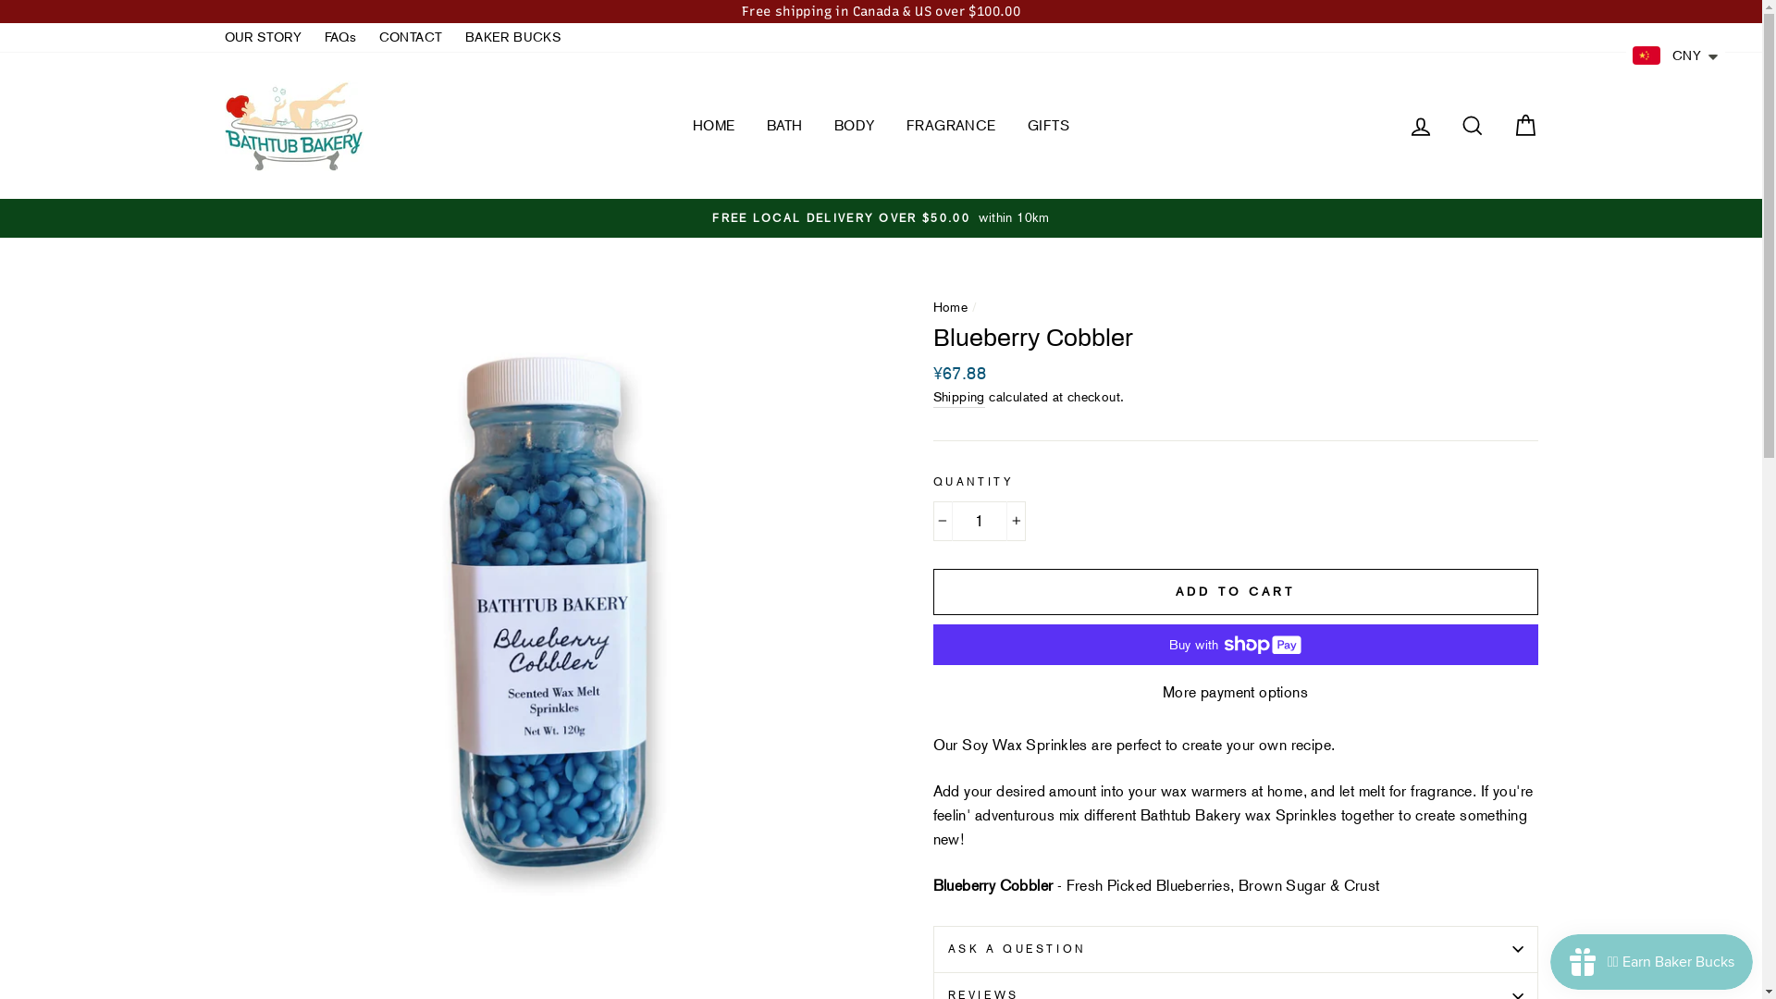  I want to click on 'ASK A QUESTION', so click(1234, 949).